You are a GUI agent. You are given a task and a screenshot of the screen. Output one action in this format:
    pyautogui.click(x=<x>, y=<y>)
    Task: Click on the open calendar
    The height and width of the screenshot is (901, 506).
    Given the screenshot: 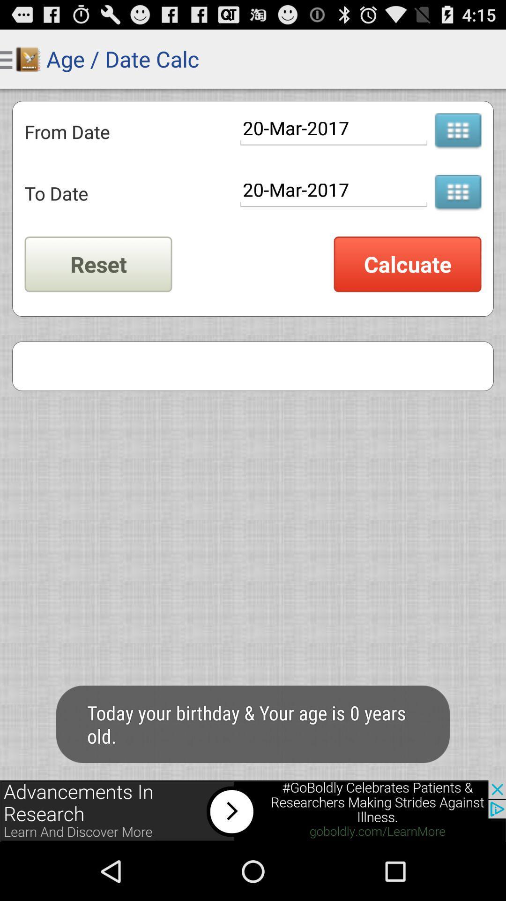 What is the action you would take?
    pyautogui.click(x=457, y=193)
    